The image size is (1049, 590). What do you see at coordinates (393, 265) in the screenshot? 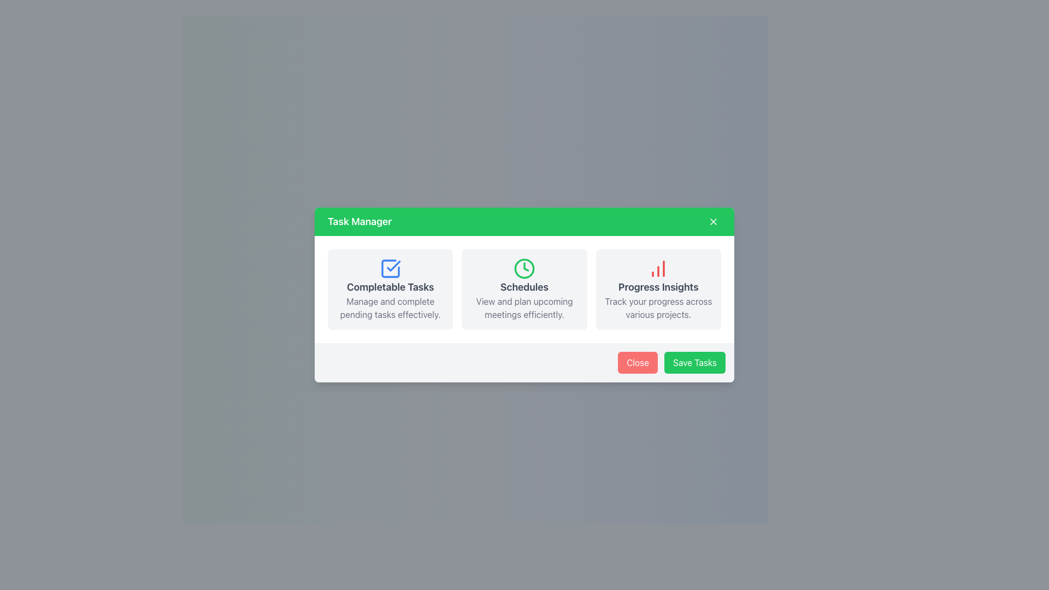
I see `the checkmark icon, which is a blue stroke designed as a stylized 'tick' within the square icon in the 'Completable Tasks' card` at bounding box center [393, 265].